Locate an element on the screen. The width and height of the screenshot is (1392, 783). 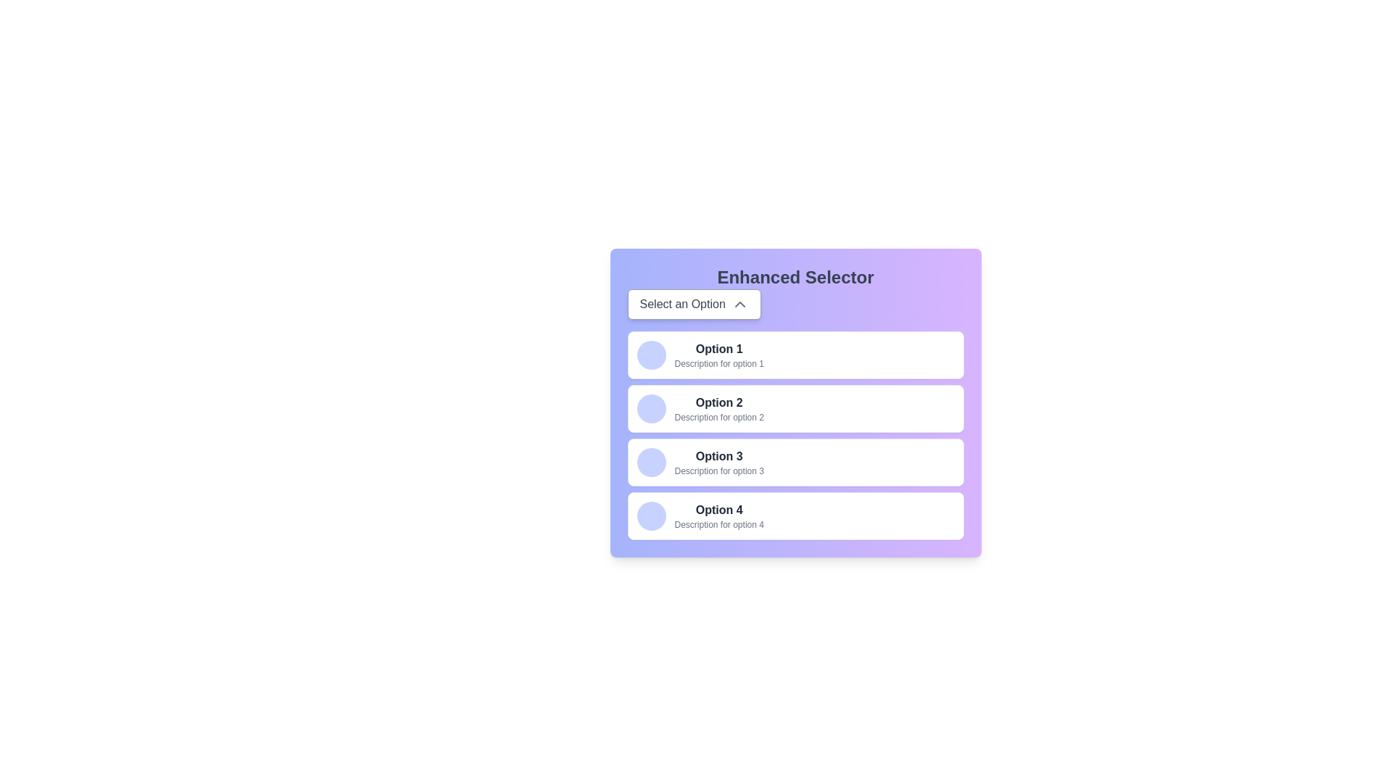
the first selectable list item labeled 'Option 1' is located at coordinates (719, 355).